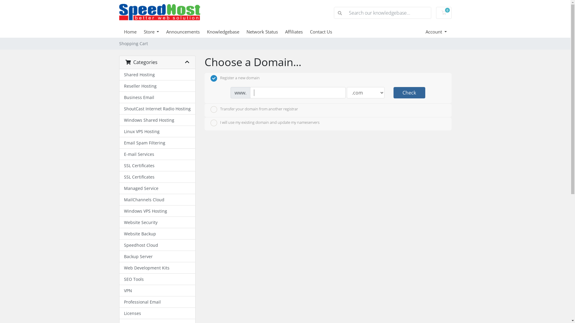 Image resolution: width=575 pixels, height=323 pixels. What do you see at coordinates (298, 92) in the screenshot?
I see `'Please enter your domain'` at bounding box center [298, 92].